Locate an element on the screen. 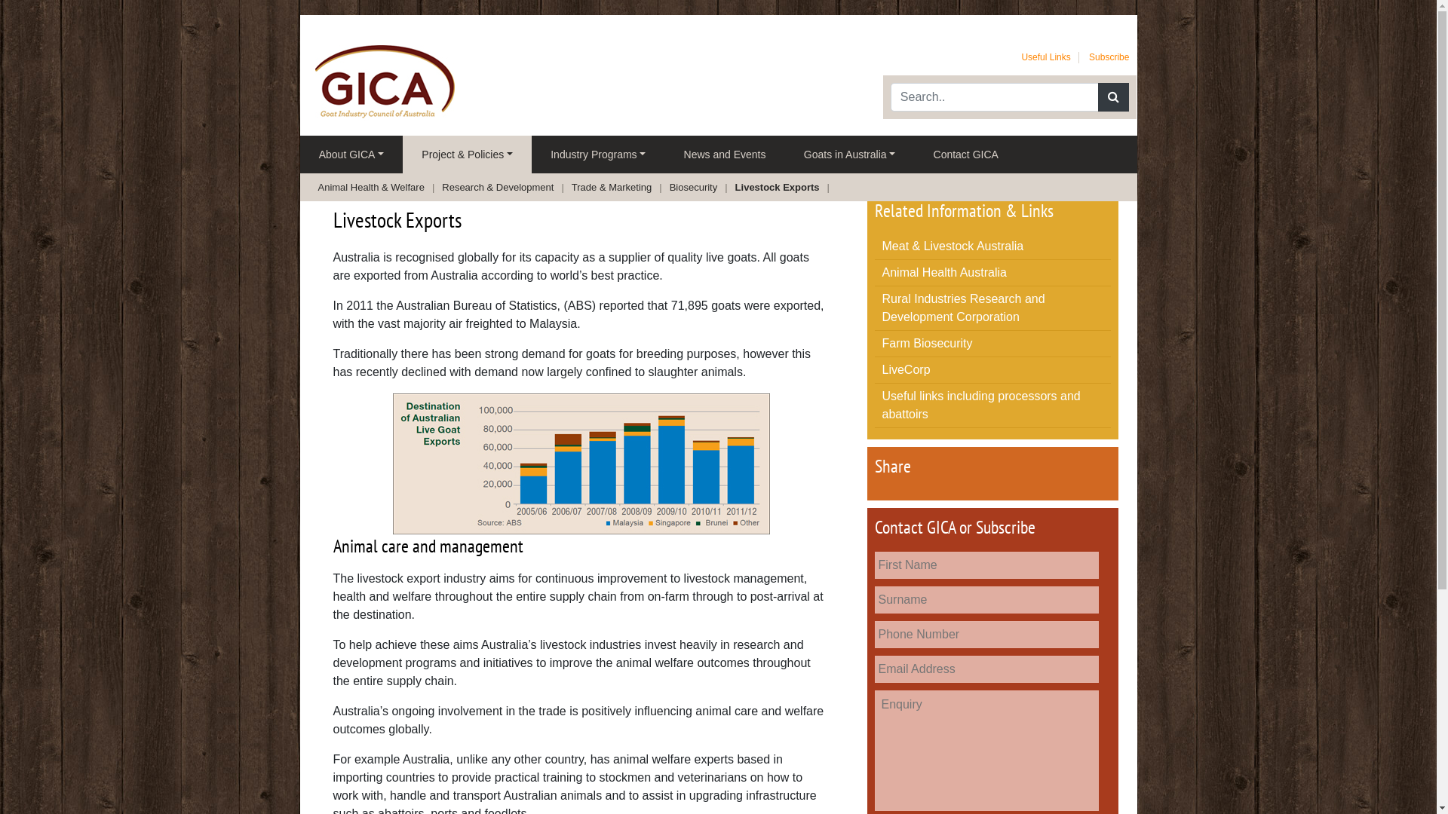 The image size is (1448, 814). 'Farm Biosecurity' is located at coordinates (926, 343).